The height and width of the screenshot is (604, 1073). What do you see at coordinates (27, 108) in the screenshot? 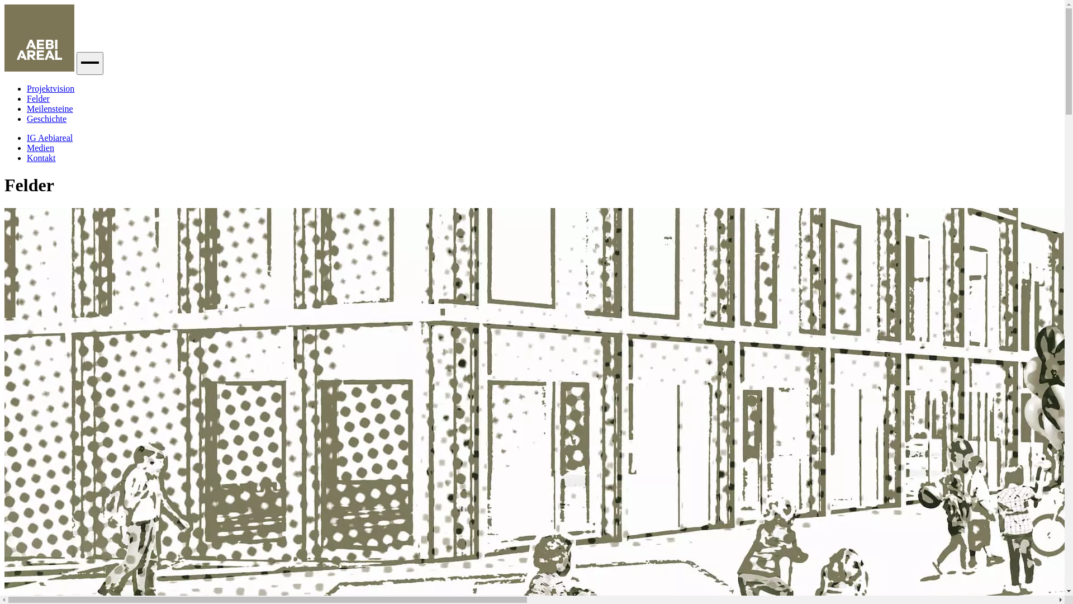
I see `'Meilensteine'` at bounding box center [27, 108].